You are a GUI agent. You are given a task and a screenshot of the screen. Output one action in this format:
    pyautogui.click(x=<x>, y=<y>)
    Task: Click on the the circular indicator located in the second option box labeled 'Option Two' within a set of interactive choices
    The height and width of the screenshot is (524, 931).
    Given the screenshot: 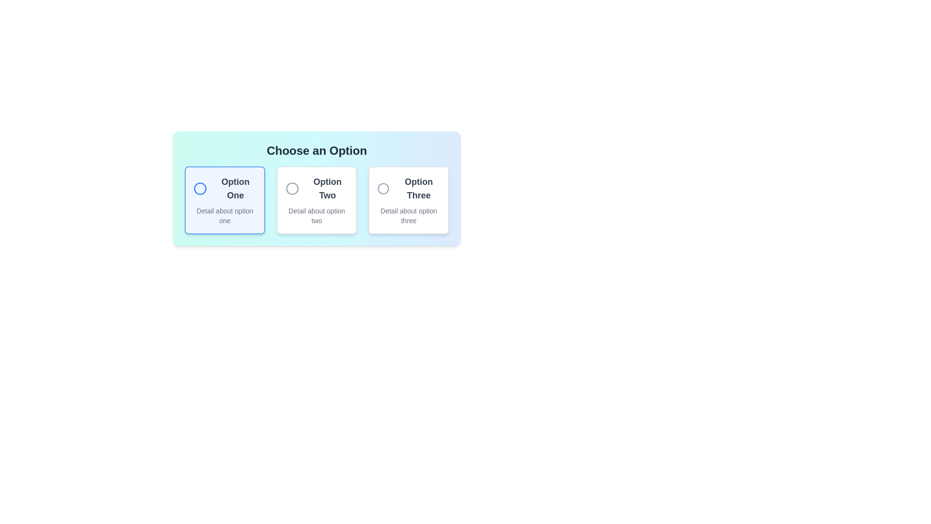 What is the action you would take?
    pyautogui.click(x=291, y=189)
    